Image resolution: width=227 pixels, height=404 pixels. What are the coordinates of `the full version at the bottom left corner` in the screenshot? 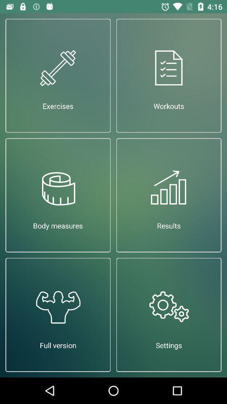 It's located at (58, 314).